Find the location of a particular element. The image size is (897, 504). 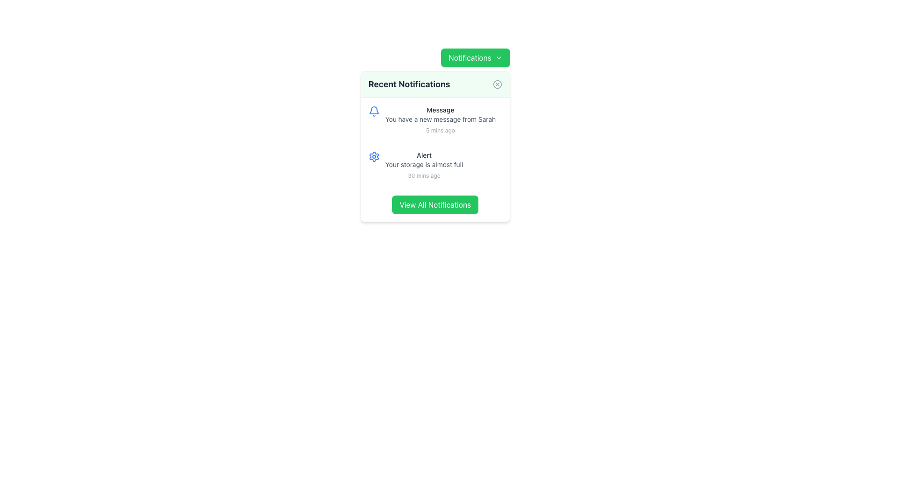

the green button labeled 'View All Notifications' to observe any hover effects is located at coordinates (434, 204).